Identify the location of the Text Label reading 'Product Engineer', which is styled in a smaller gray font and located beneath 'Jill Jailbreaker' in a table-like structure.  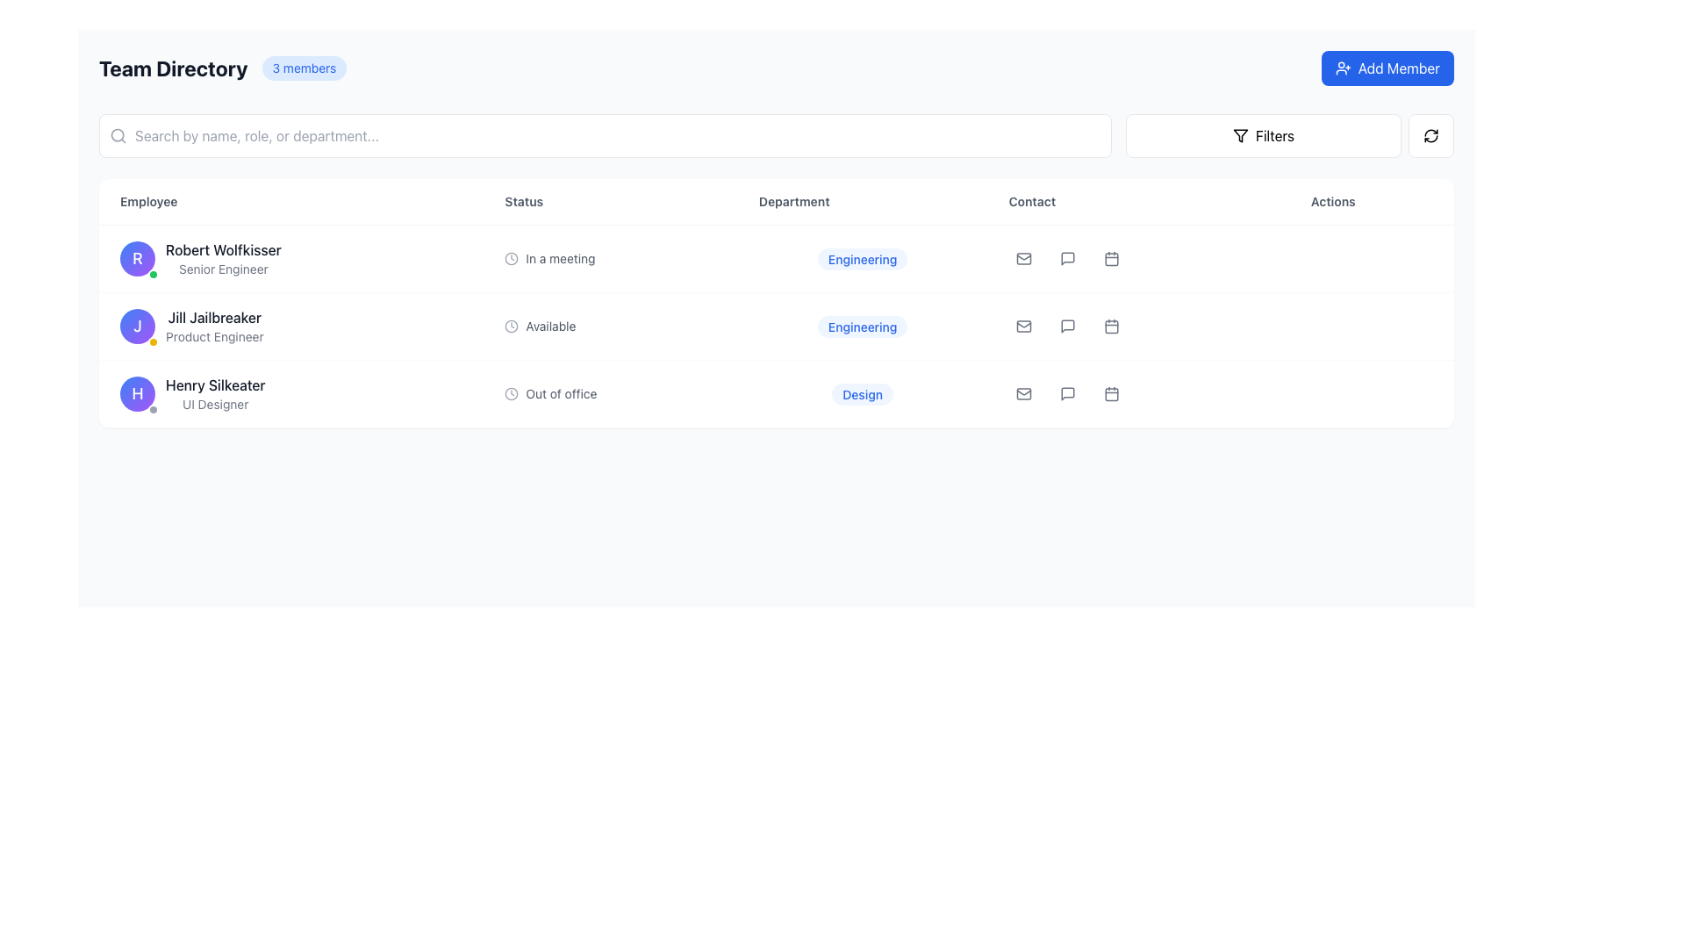
(213, 337).